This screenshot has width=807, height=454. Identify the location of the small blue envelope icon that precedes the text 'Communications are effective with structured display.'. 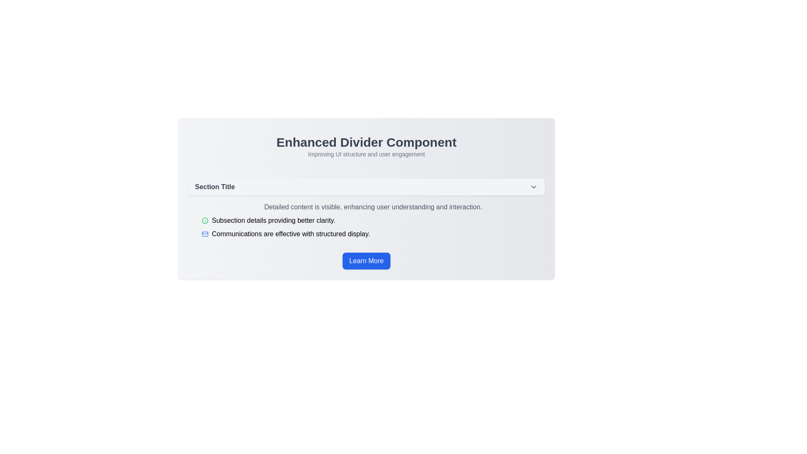
(205, 234).